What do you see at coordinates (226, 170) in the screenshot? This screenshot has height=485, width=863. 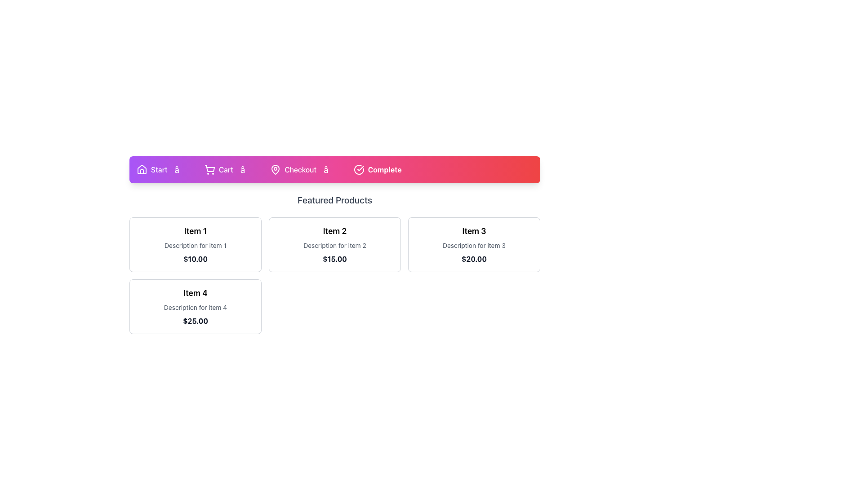 I see `the 'Cart' text label located in the navigation bar` at bounding box center [226, 170].